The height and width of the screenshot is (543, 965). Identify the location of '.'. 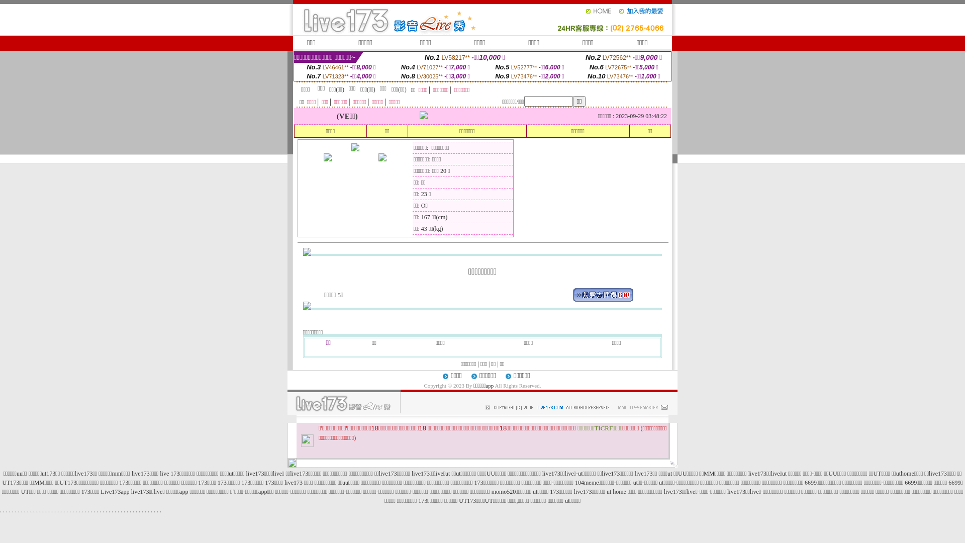
(19, 510).